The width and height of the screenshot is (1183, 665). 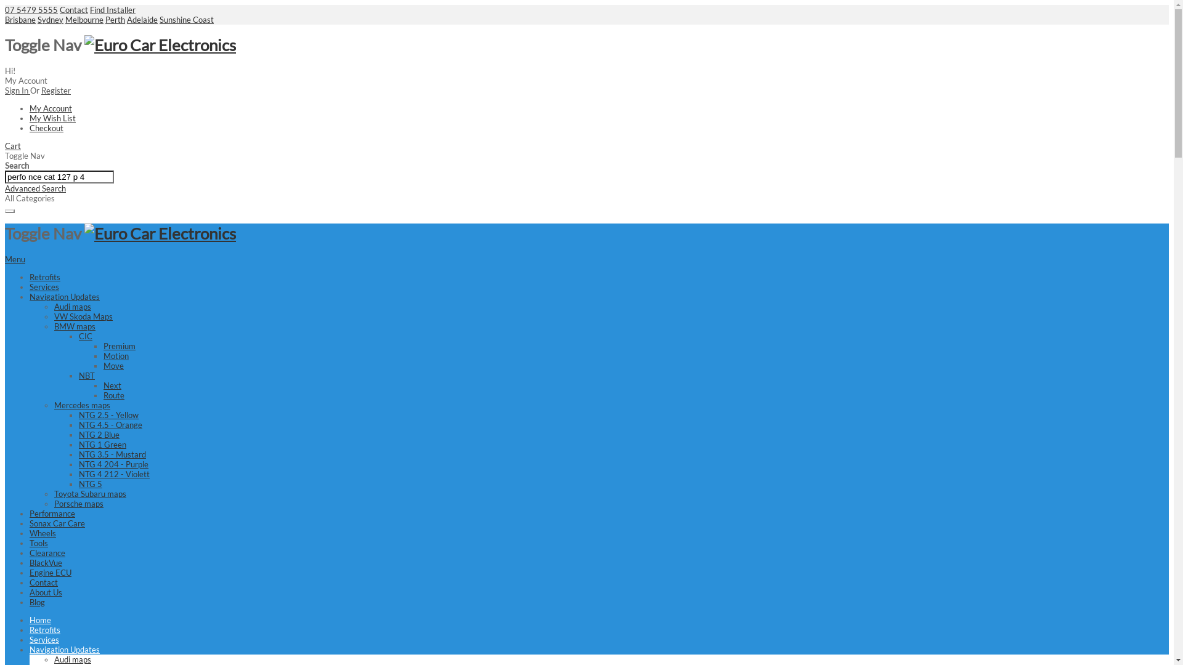 I want to click on 'Perth', so click(x=115, y=19).